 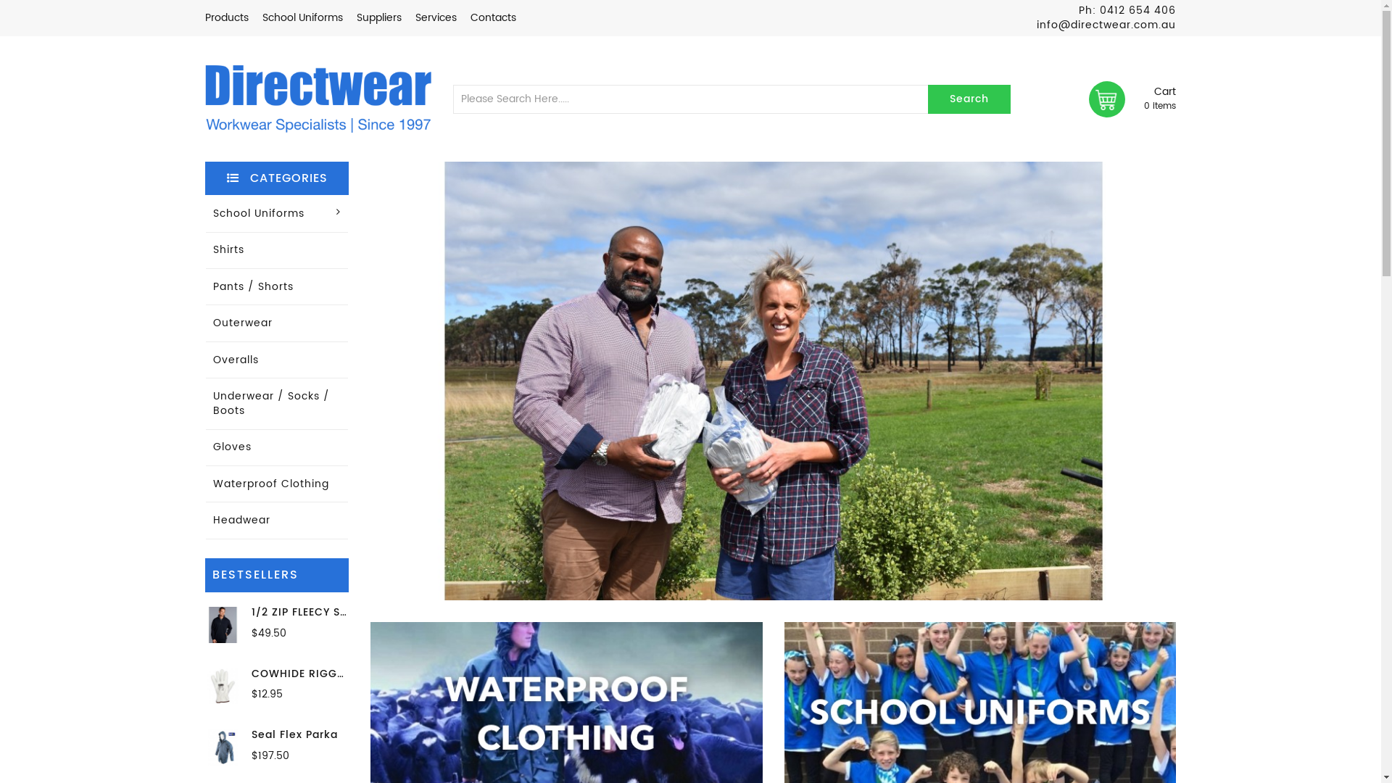 I want to click on 'Shirts', so click(x=277, y=250).